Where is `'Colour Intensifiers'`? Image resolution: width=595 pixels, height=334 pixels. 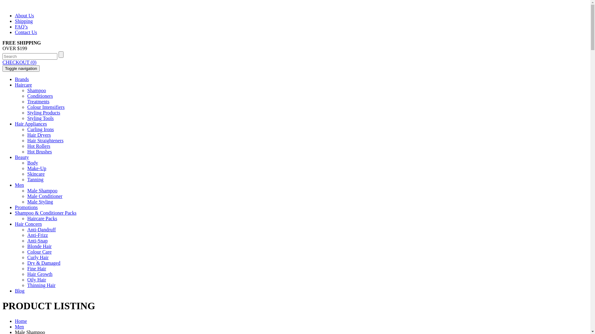
'Colour Intensifiers' is located at coordinates (46, 107).